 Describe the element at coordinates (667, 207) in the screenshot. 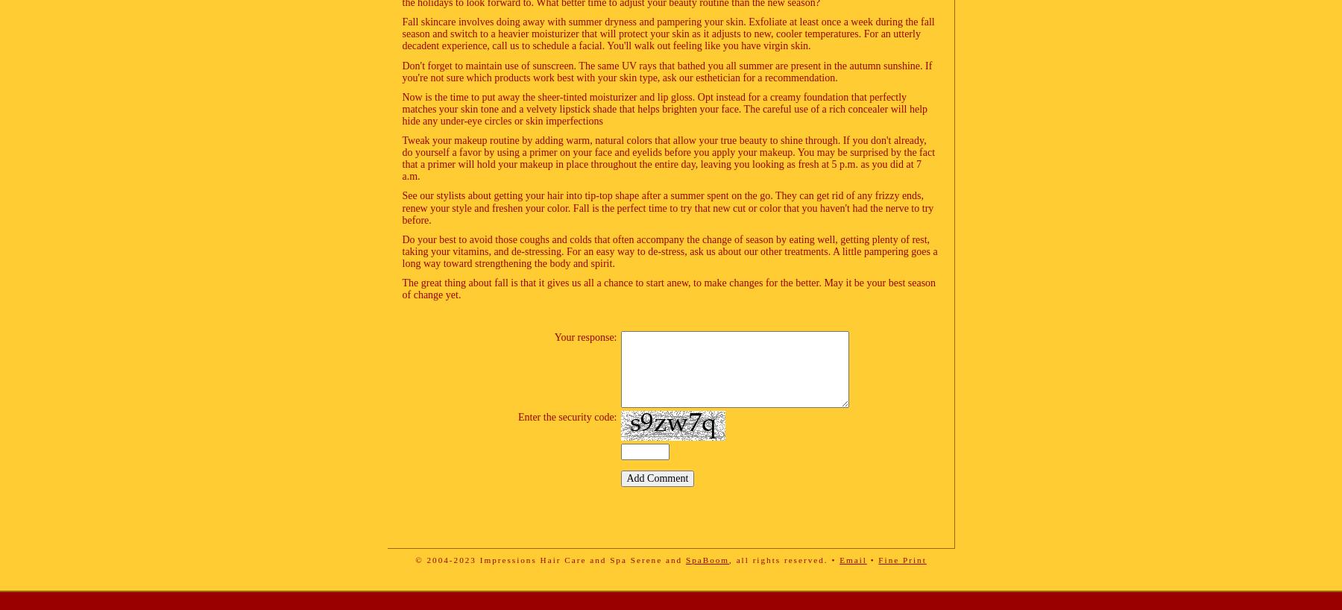

I see `'See our stylists about getting your hair into tip-top shape after a summer spent on the go. They can get rid of any frizzy ends, renew your style and freshen your color. Fall is the perfect time to try that new cut or color that you haven't had the nerve to try before.'` at that location.